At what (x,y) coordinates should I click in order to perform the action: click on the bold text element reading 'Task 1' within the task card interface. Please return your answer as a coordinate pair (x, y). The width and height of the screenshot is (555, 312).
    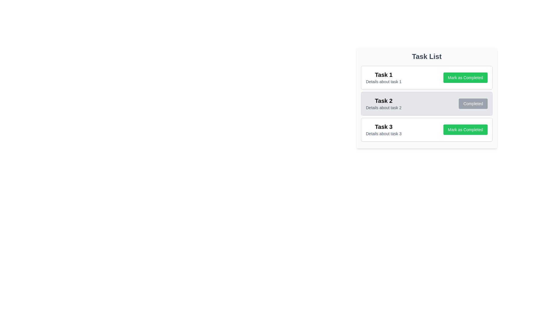
    Looking at the image, I should click on (384, 74).